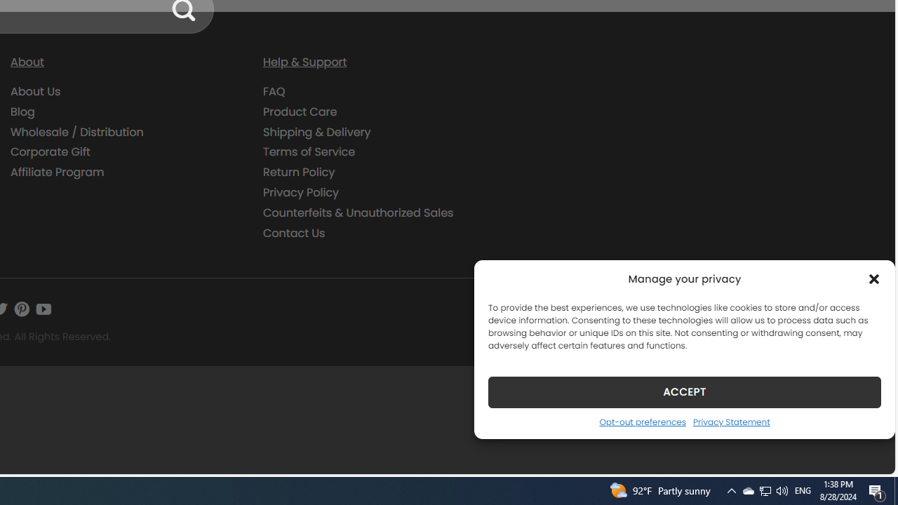 This screenshot has height=505, width=898. I want to click on 'Terms of Service', so click(379, 151).